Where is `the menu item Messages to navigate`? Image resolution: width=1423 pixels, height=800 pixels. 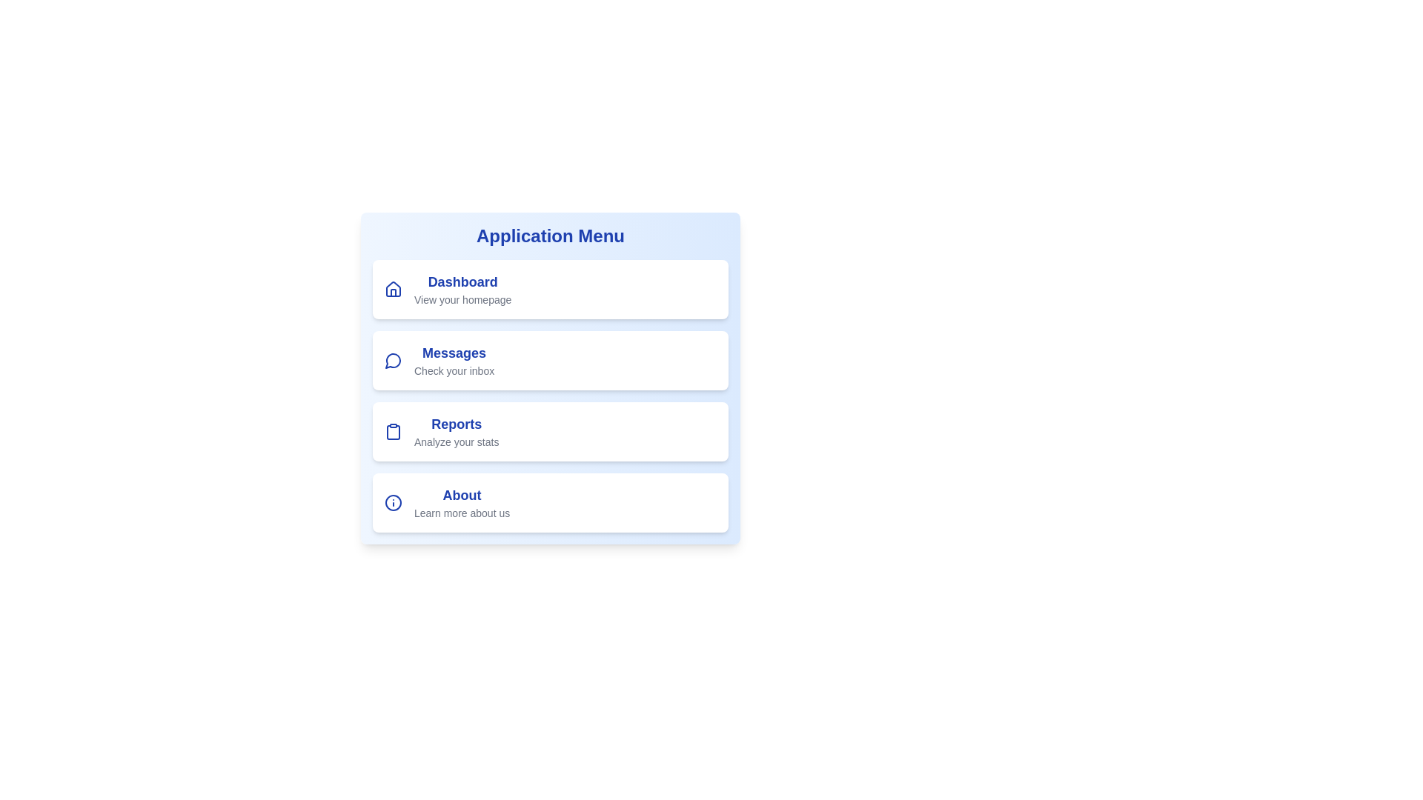
the menu item Messages to navigate is located at coordinates (550, 360).